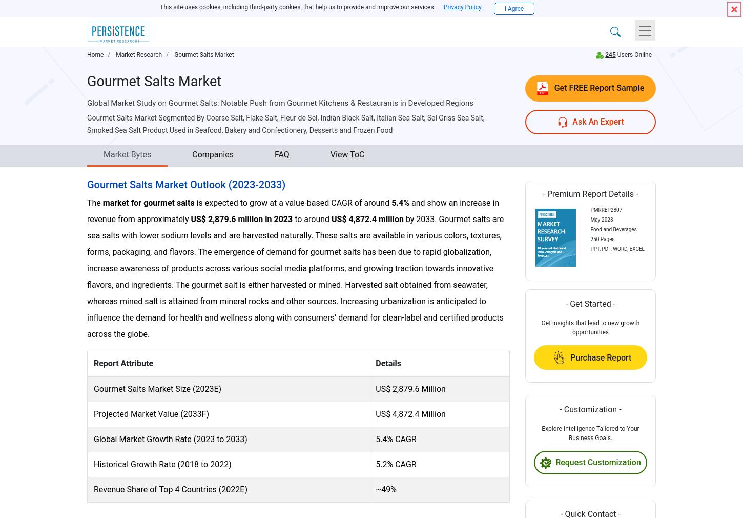 The height and width of the screenshot is (518, 743). What do you see at coordinates (157, 388) in the screenshot?
I see `'Gourmet Salts Market Size (2023E)'` at bounding box center [157, 388].